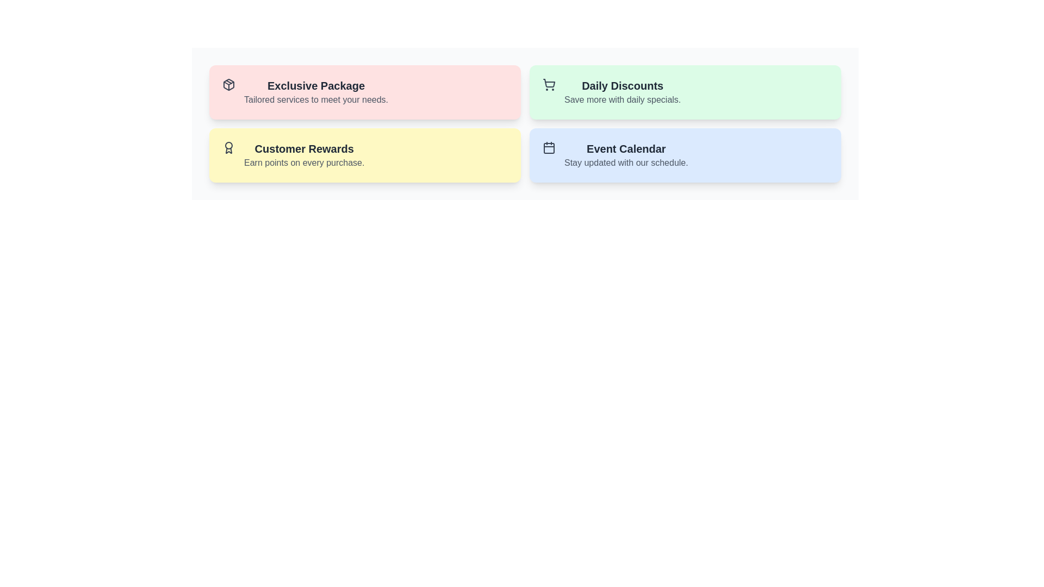  Describe the element at coordinates (623, 91) in the screenshot. I see `the text block displaying 'Daily Discounts' in a green rectangular area, which is the second card in the grid arrangement` at that location.